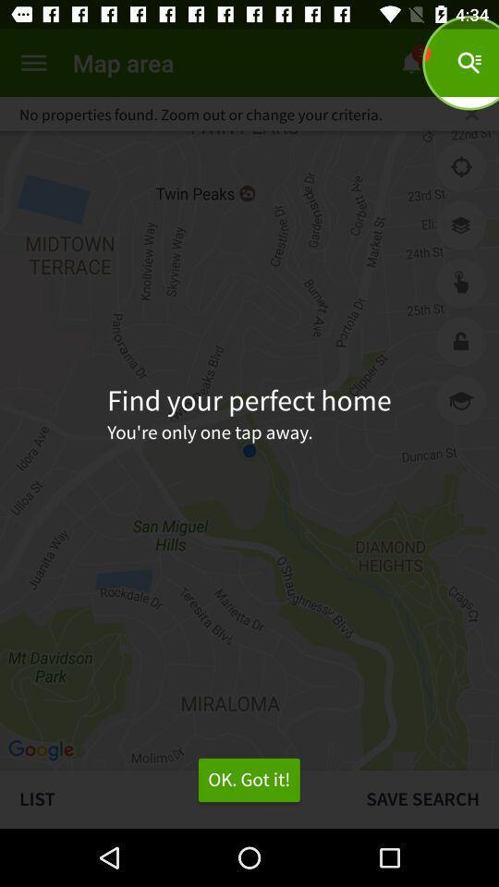 The height and width of the screenshot is (887, 499). What do you see at coordinates (460, 284) in the screenshot?
I see `on map` at bounding box center [460, 284].